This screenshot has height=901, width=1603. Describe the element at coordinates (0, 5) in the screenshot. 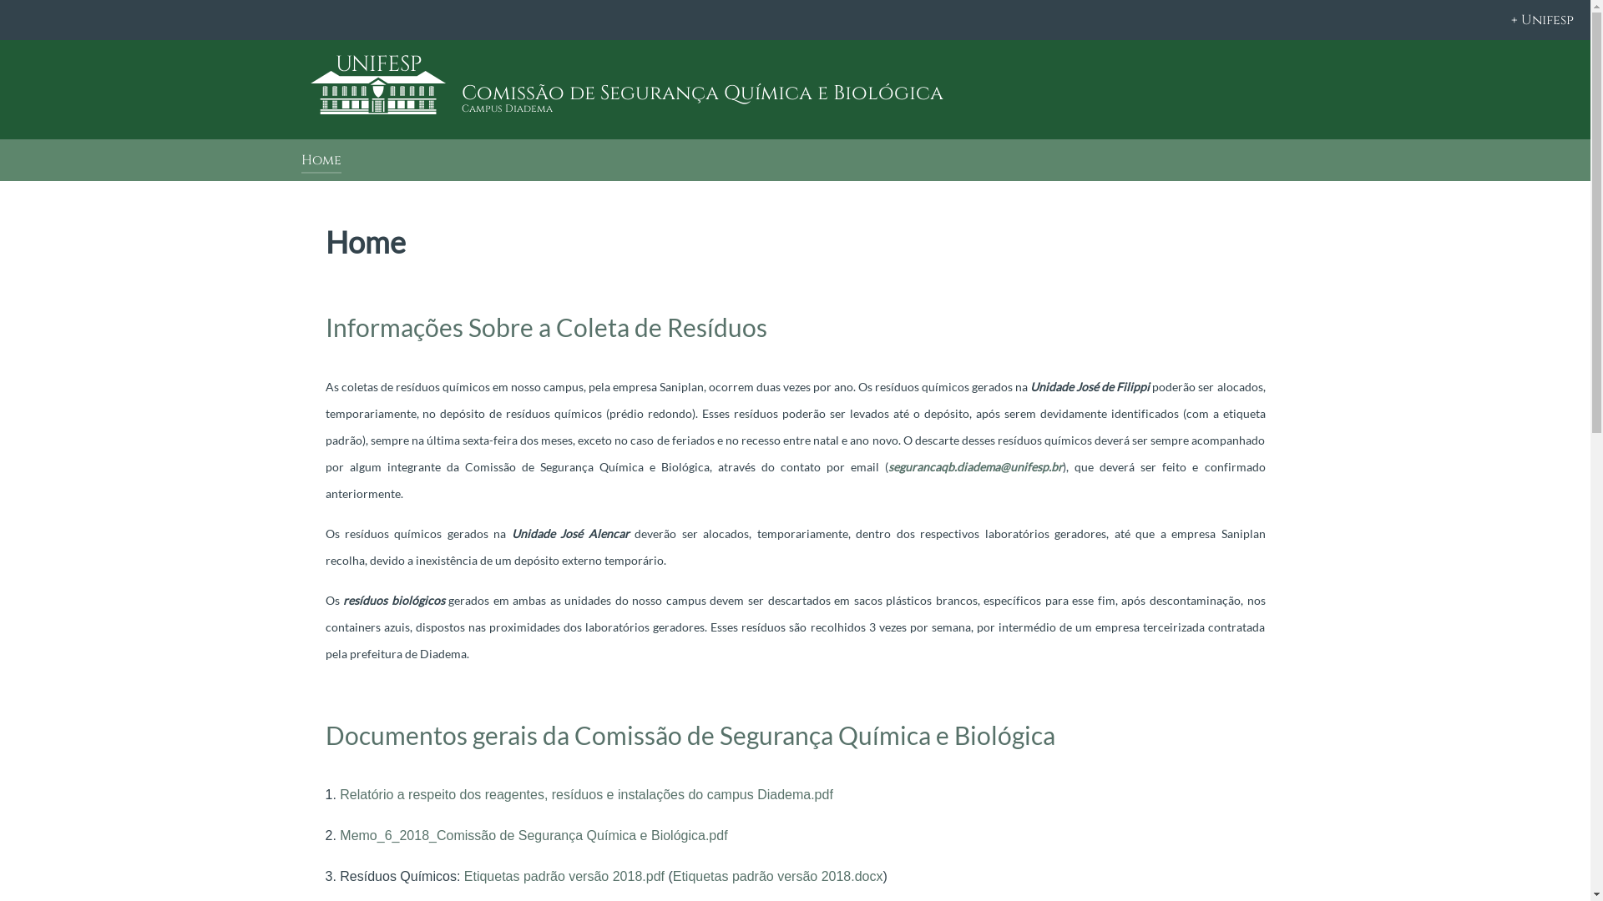

I see `'on'` at that location.